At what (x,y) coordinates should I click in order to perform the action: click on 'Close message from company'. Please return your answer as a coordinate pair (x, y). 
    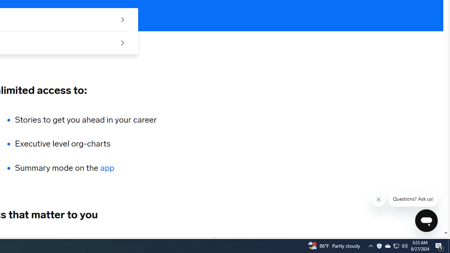
    Looking at the image, I should click on (378, 200).